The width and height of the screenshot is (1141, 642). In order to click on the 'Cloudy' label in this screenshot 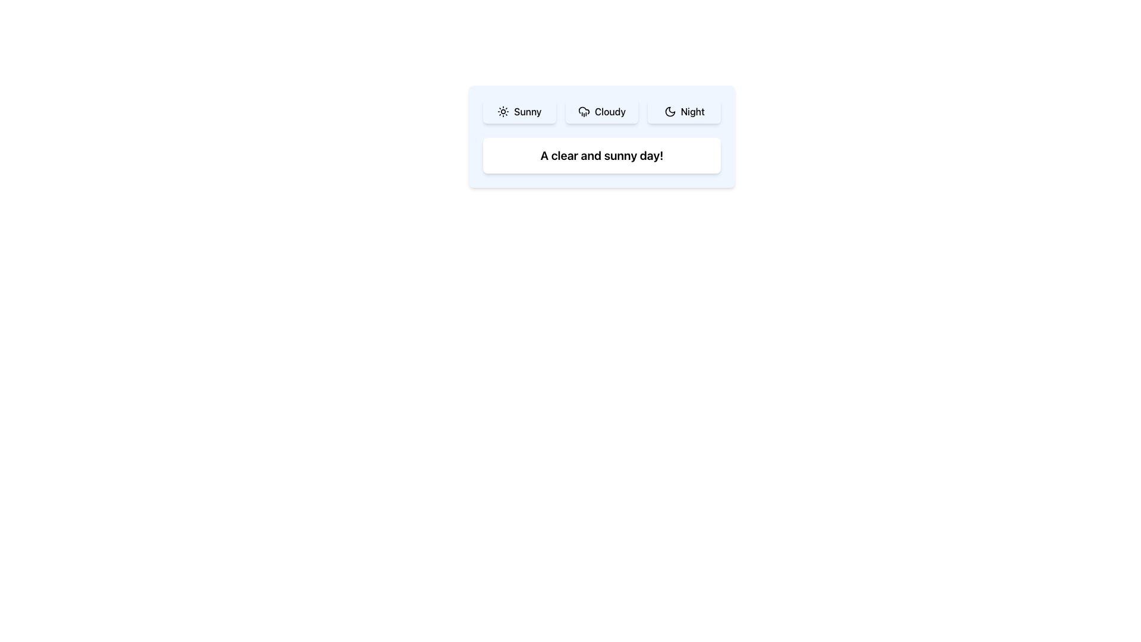, I will do `click(610, 112)`.